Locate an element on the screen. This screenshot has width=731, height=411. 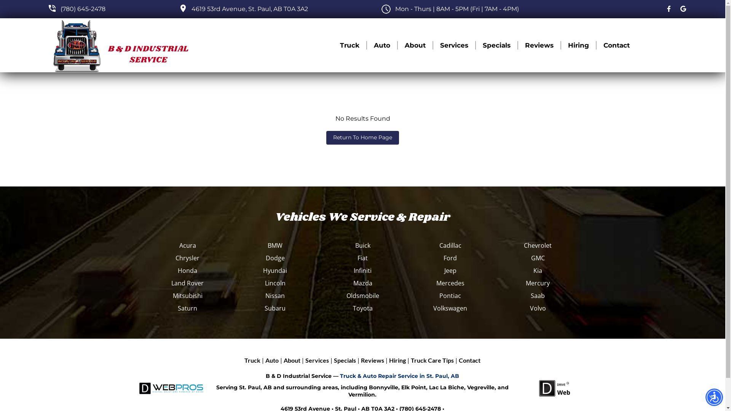
'Hiring' is located at coordinates (578, 45).